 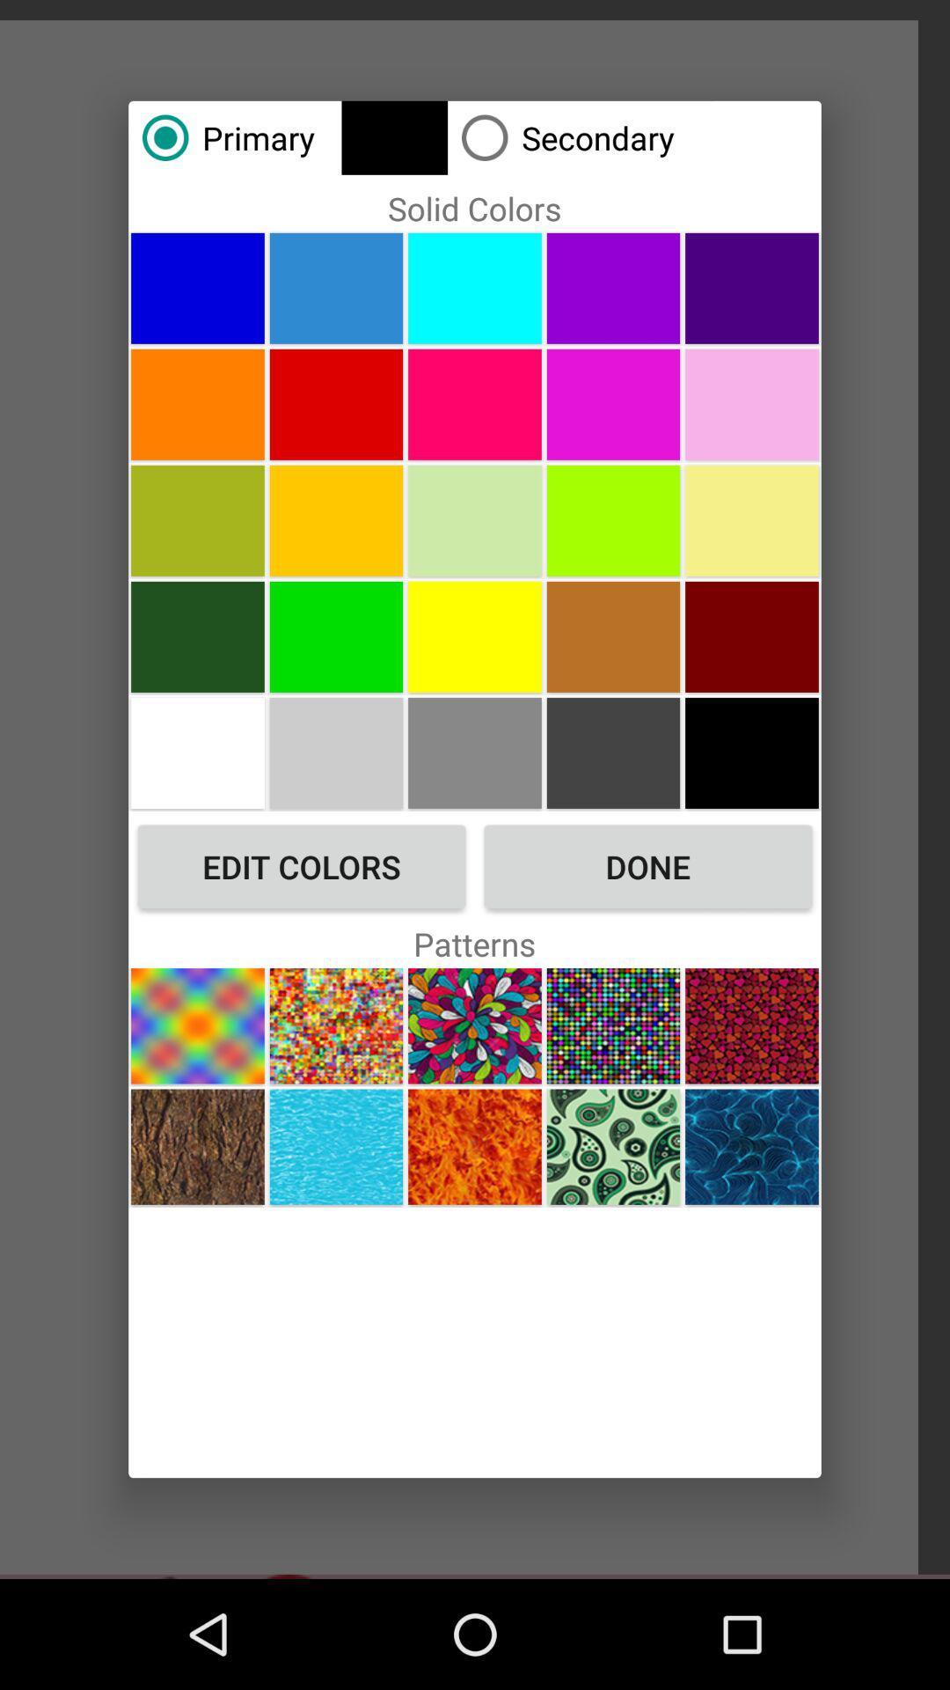 What do you see at coordinates (475, 403) in the screenshot?
I see `color` at bounding box center [475, 403].